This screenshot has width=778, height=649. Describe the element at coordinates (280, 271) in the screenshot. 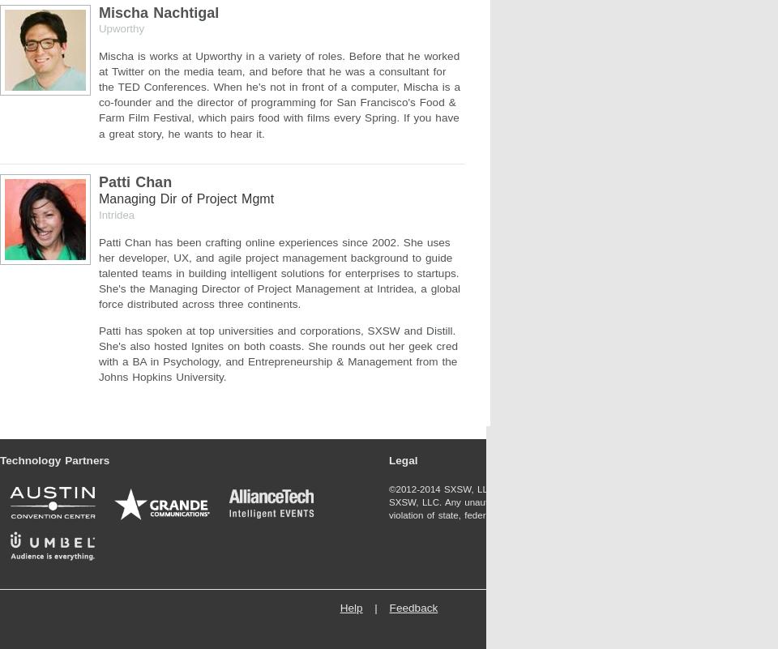

I see `'Patti Chan has been crafting online experiences since 2002. She uses her developer, UX, and agile project management background to guide talented teams in building intelligent solutions for enterprises to startups. She's the Managing Director of Project Management at Intridea, a global force distributed across three continents.'` at that location.